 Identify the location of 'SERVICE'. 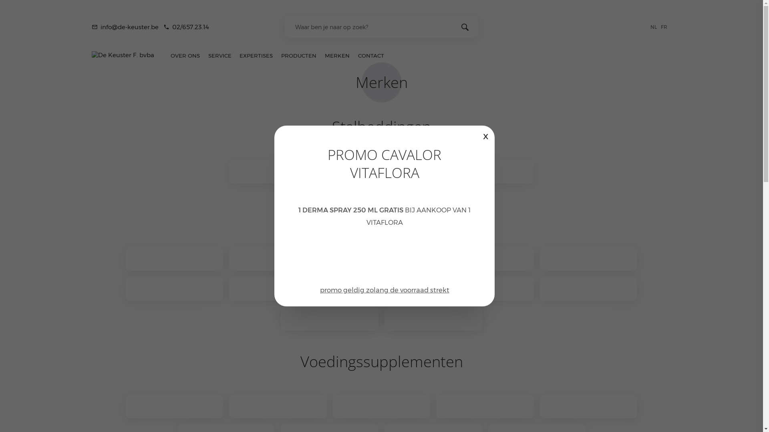
(219, 55).